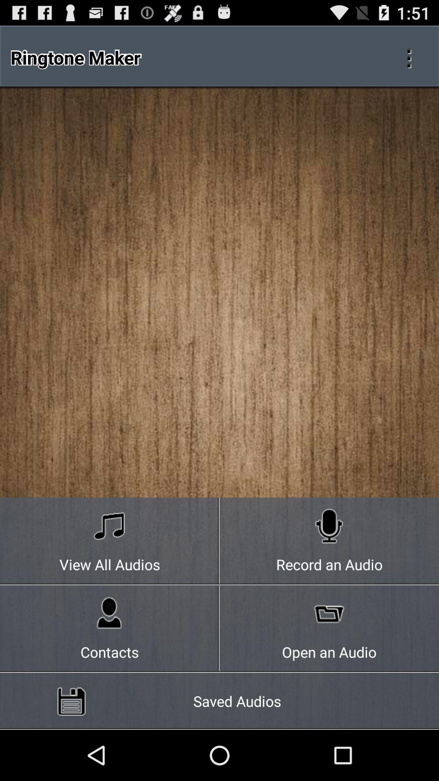 The width and height of the screenshot is (439, 781). Describe the element at coordinates (110, 628) in the screenshot. I see `button below the view all audios button` at that location.